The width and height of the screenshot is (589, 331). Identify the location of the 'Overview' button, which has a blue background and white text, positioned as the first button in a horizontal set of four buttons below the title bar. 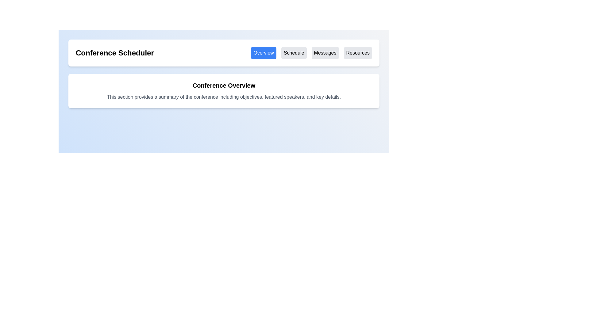
(264, 53).